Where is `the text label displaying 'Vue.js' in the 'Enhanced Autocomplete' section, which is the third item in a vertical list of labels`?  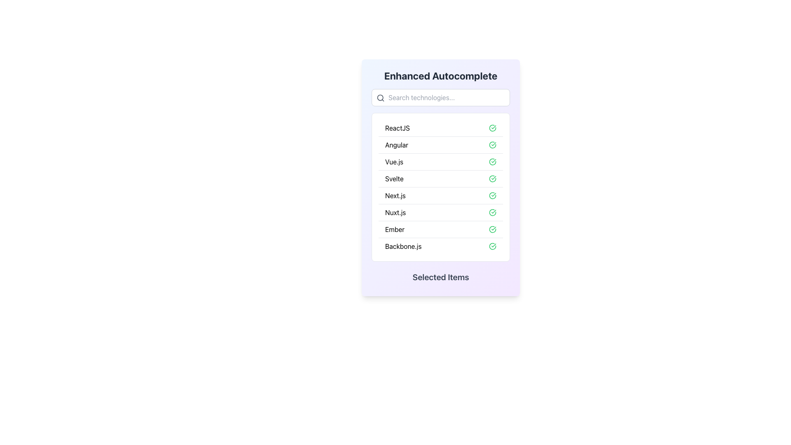
the text label displaying 'Vue.js' in the 'Enhanced Autocomplete' section, which is the third item in a vertical list of labels is located at coordinates (394, 162).